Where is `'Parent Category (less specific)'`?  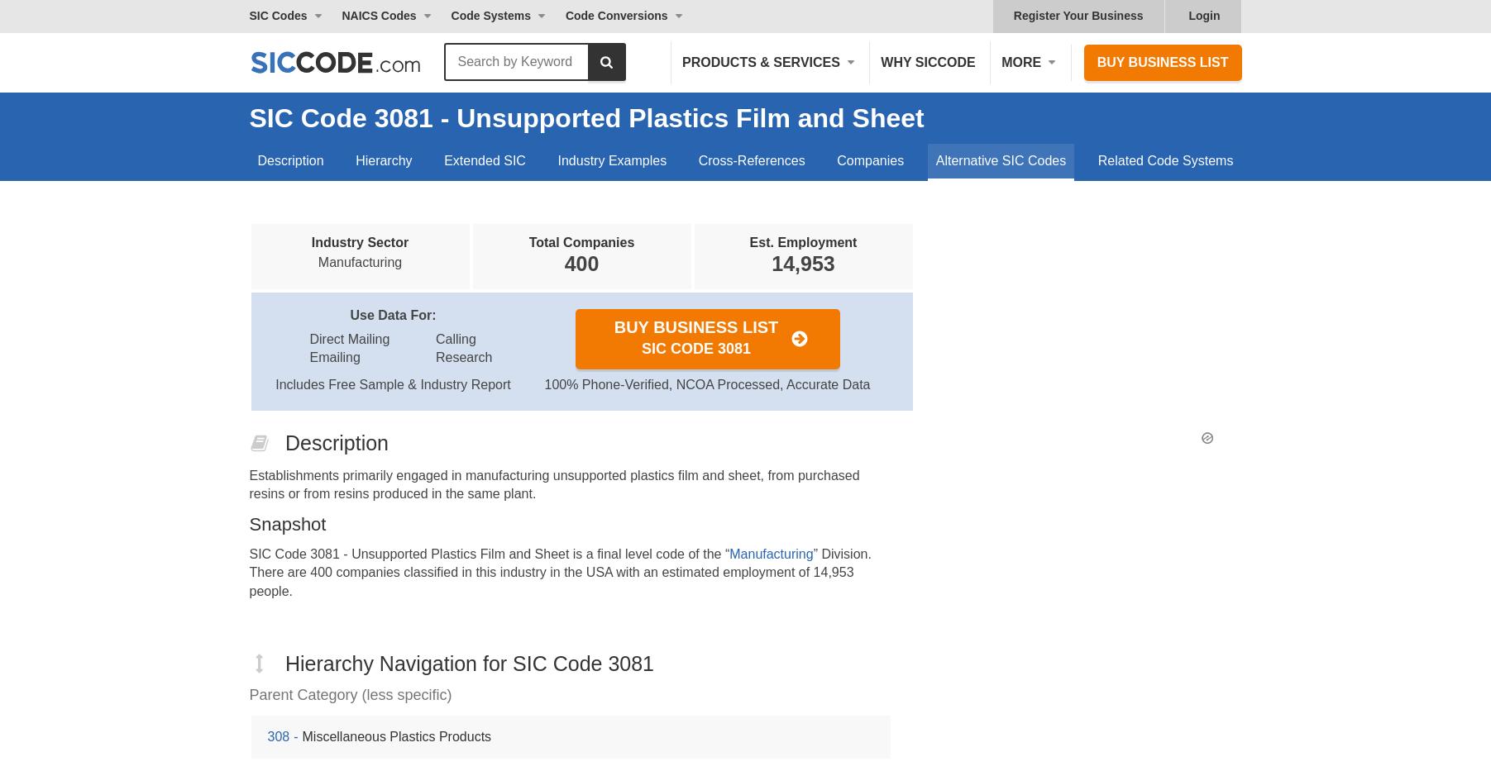 'Parent Category (less specific)' is located at coordinates (248, 692).